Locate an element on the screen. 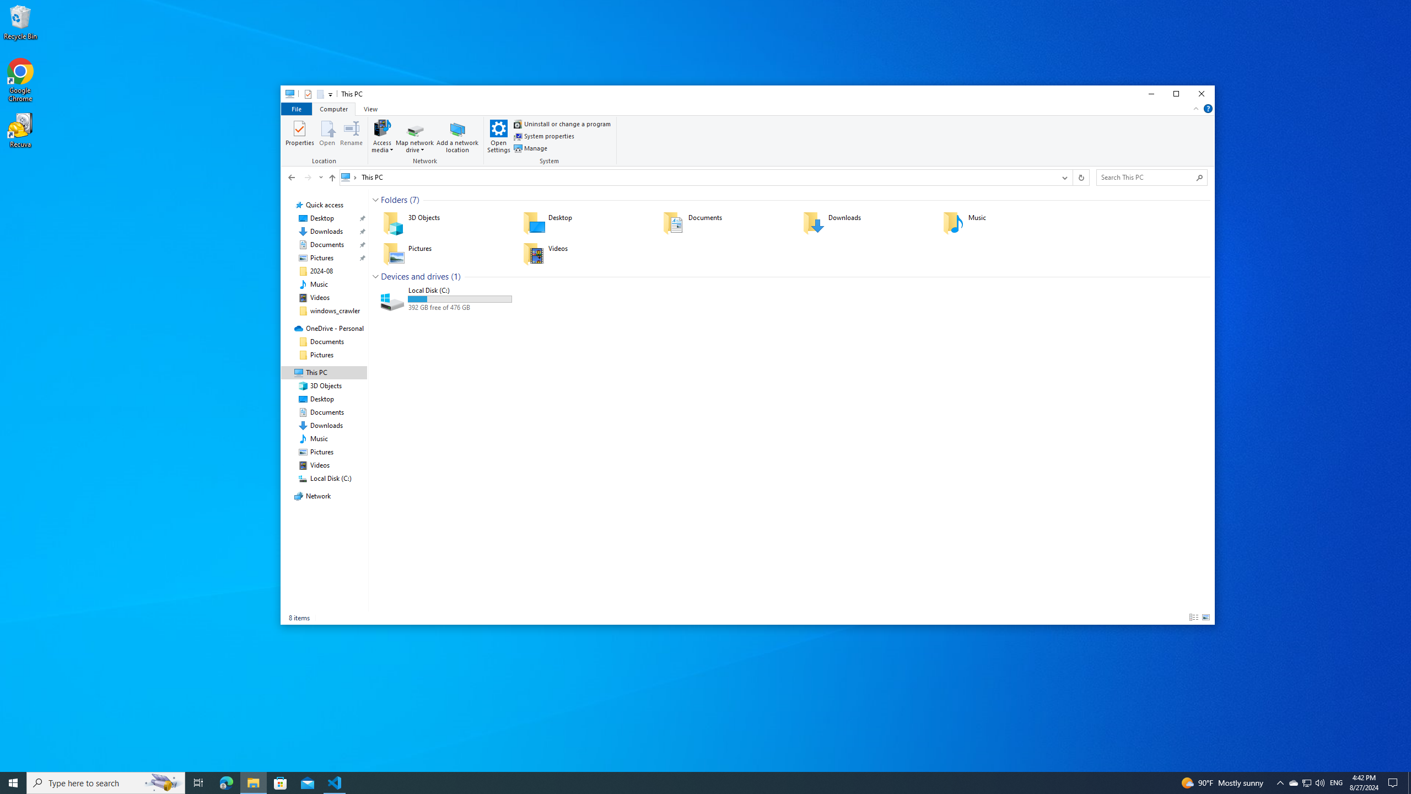  'Previous Locations' is located at coordinates (1063, 177).